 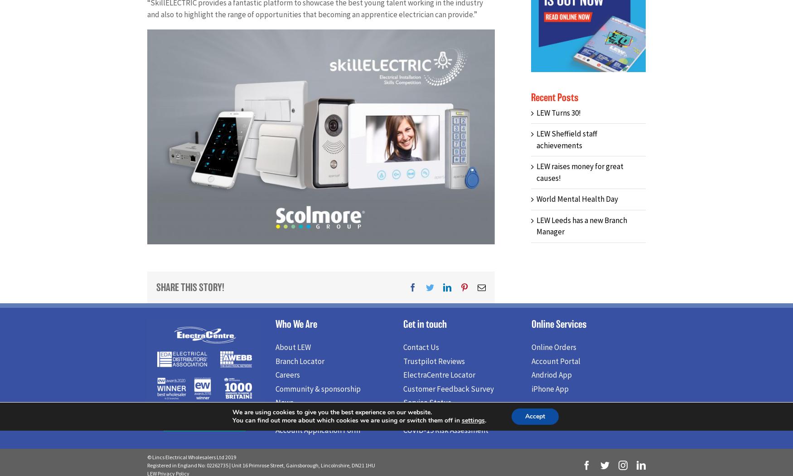 What do you see at coordinates (295, 325) in the screenshot?
I see `'Who We Are'` at bounding box center [295, 325].